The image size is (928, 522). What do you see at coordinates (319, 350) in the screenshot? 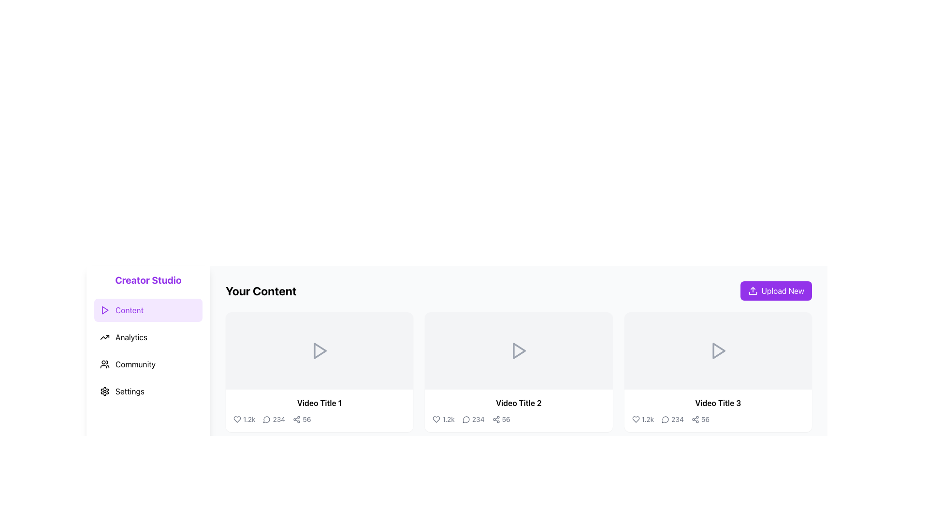
I see `the play icon in the first content card labeled 'Video Title 1'` at bounding box center [319, 350].